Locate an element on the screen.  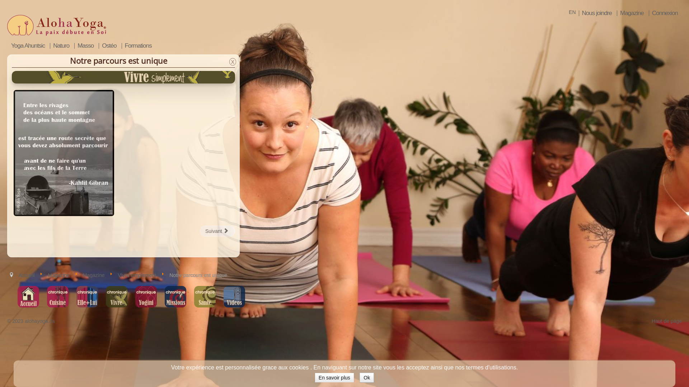
'Accueil' is located at coordinates (28, 297).